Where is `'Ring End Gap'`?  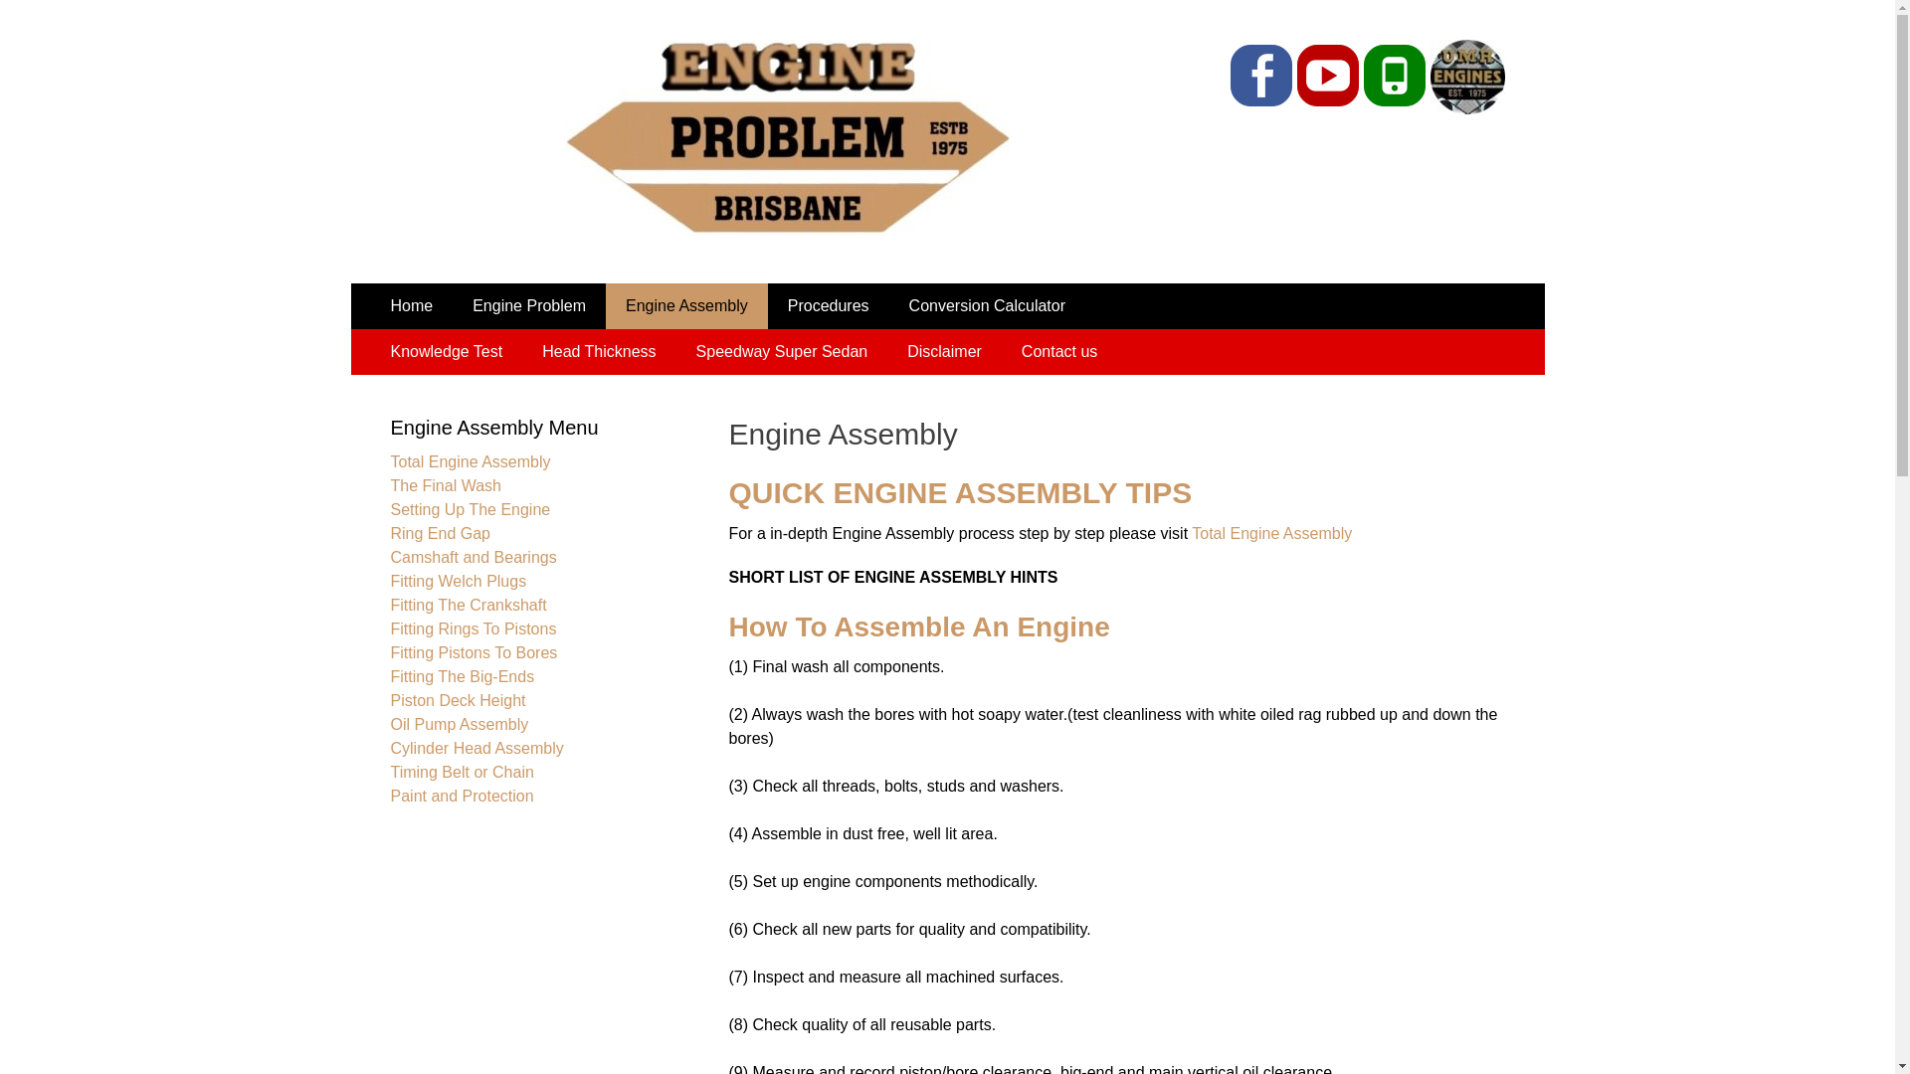
'Ring End Gap' is located at coordinates (390, 532).